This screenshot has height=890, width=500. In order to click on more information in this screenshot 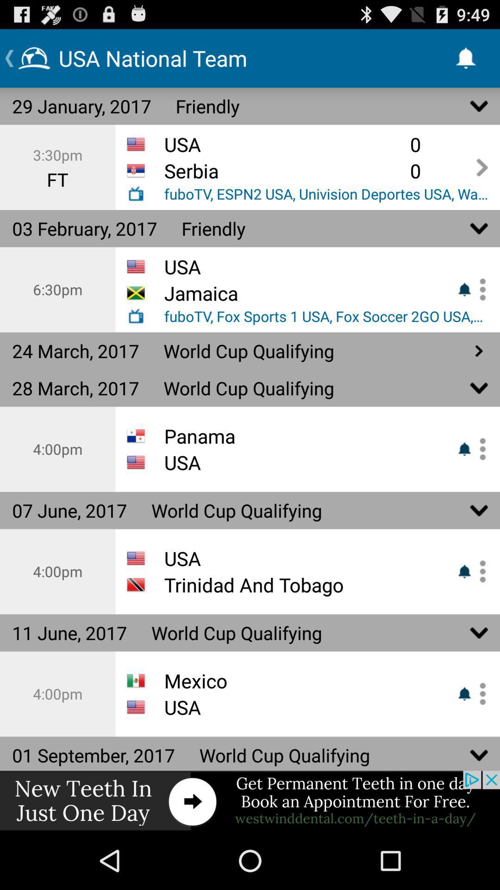, I will do `click(479, 289)`.